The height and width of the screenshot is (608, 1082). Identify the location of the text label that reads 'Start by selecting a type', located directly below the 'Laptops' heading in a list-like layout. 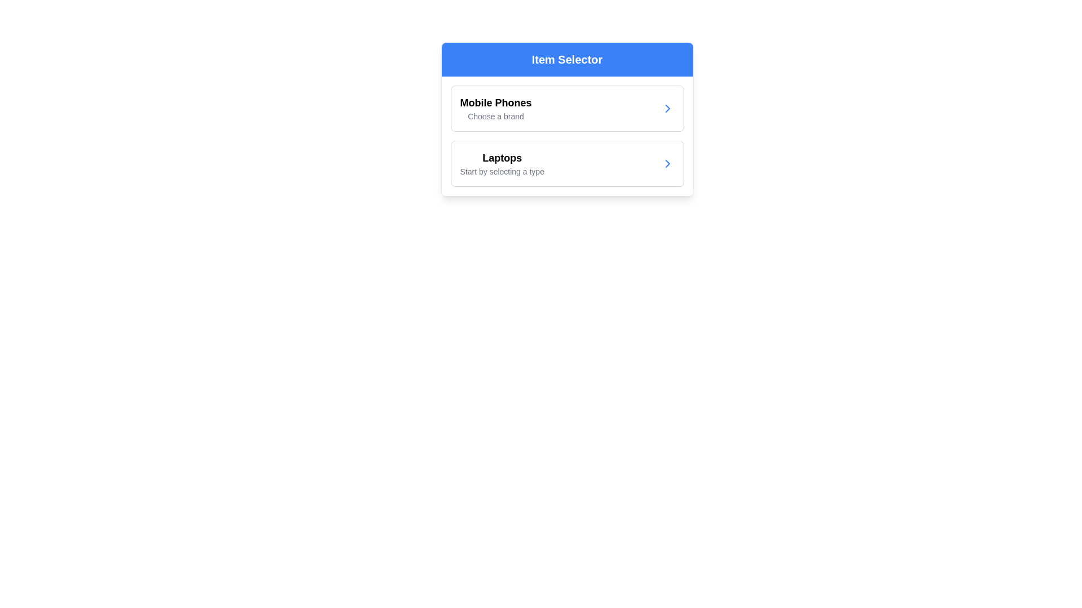
(502, 171).